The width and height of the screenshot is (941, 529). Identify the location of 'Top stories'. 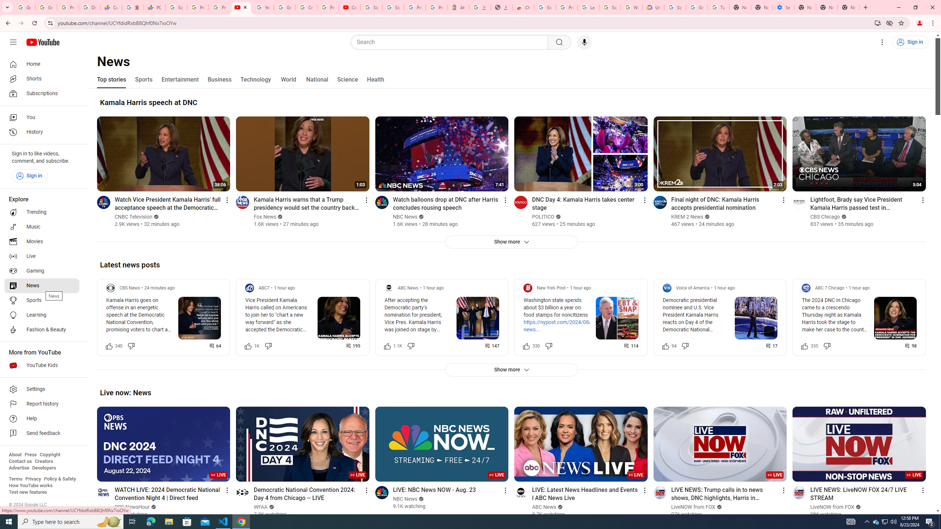
(111, 79).